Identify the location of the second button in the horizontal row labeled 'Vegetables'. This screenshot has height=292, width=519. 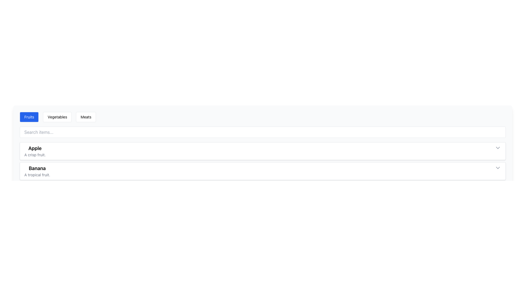
(57, 117).